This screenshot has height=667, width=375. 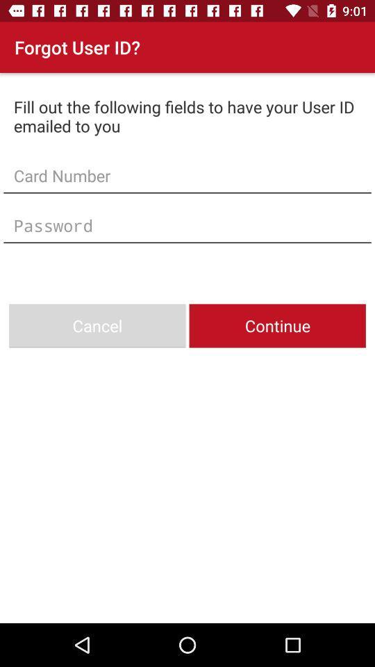 What do you see at coordinates (277, 326) in the screenshot?
I see `the icon to the right of cancel icon` at bounding box center [277, 326].